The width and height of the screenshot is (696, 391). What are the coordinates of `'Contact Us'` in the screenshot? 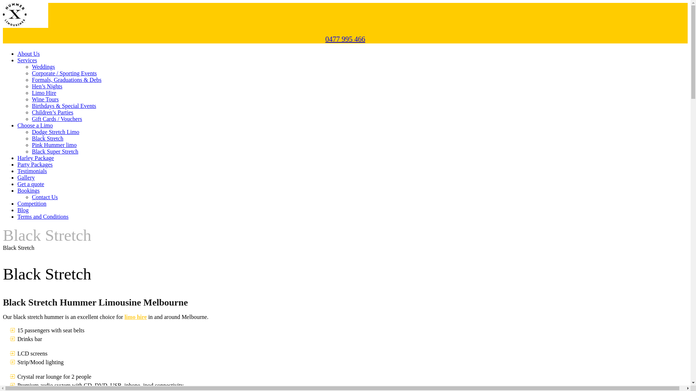 It's located at (45, 197).